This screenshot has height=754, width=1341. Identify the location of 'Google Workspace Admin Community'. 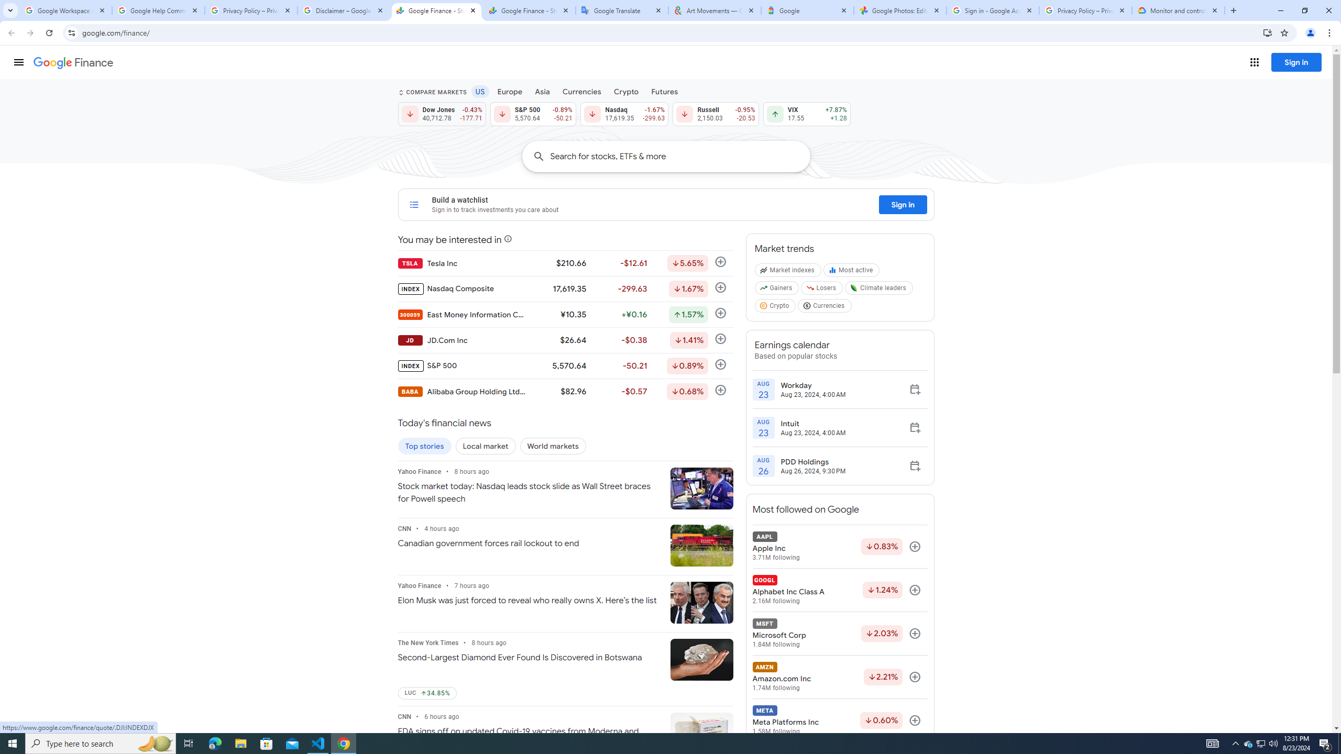
(65, 10).